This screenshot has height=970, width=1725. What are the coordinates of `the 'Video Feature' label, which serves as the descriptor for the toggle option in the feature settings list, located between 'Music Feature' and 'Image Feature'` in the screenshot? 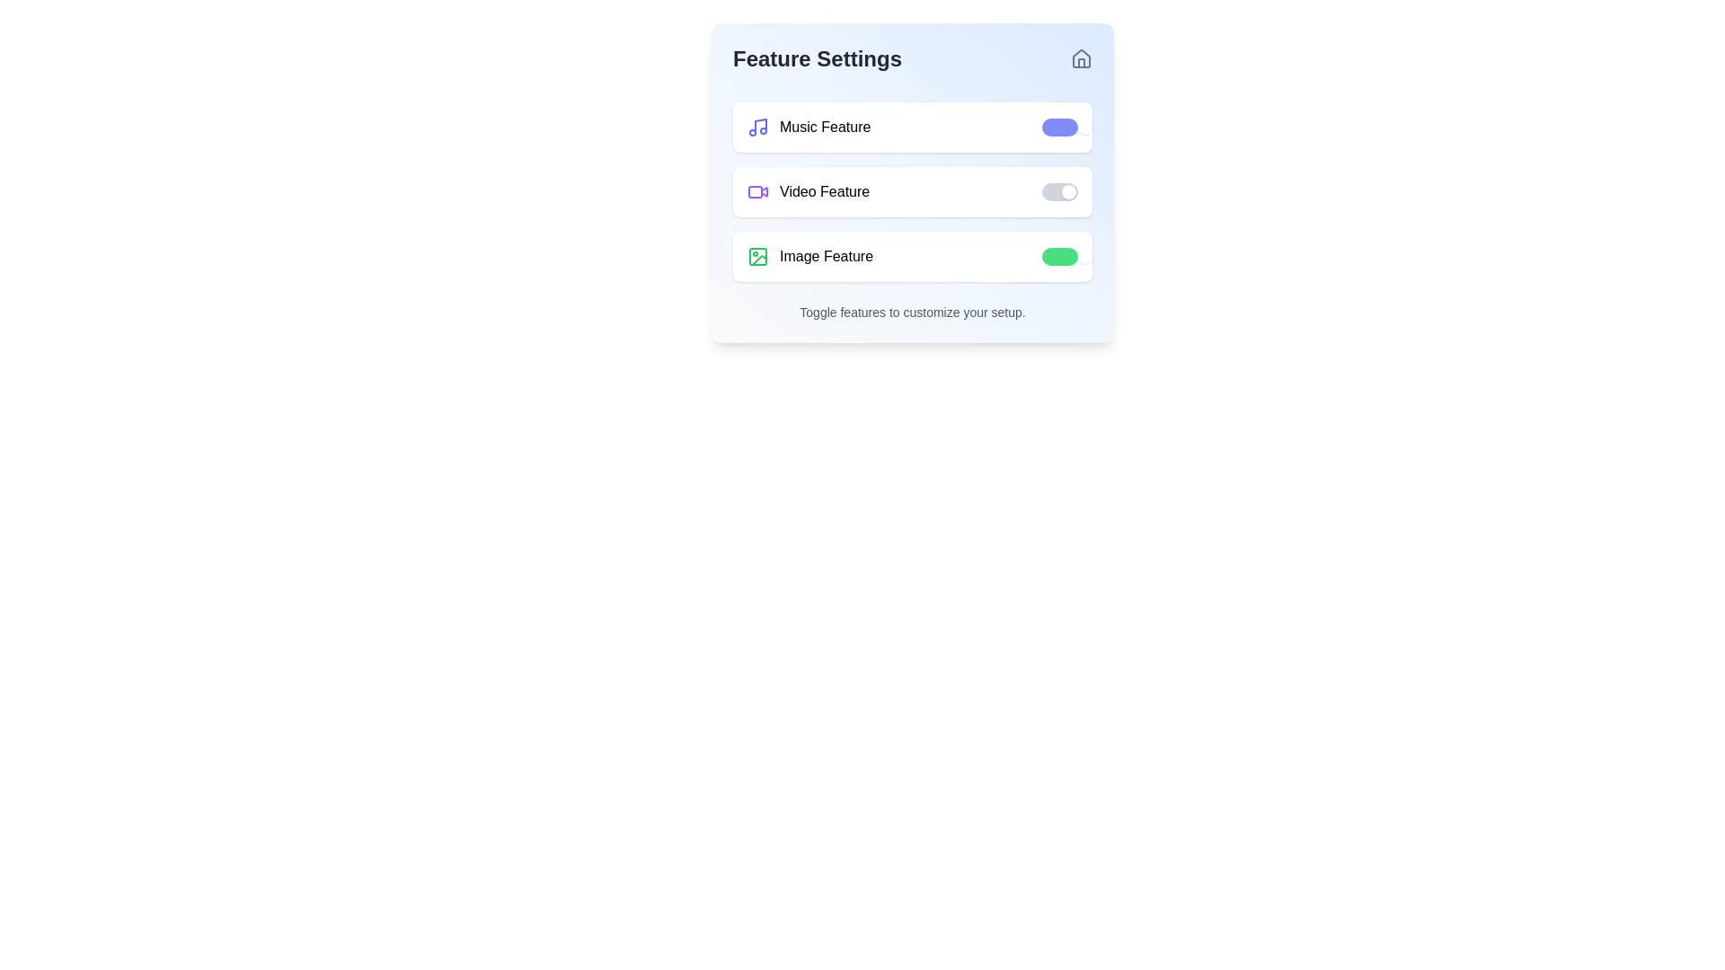 It's located at (824, 191).